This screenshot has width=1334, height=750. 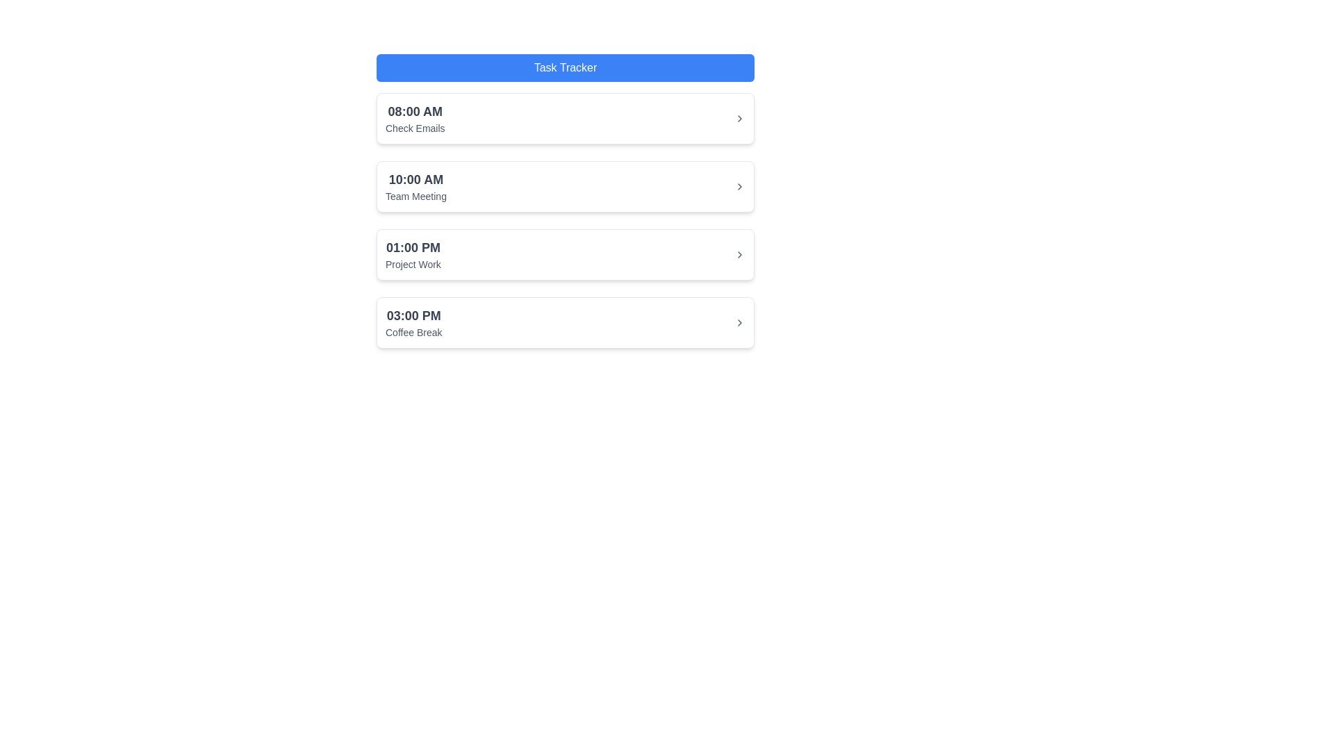 I want to click on the third List item card displaying '01:00 PM' and 'Project Work' in the 'Task Tracker' section, so click(x=566, y=254).